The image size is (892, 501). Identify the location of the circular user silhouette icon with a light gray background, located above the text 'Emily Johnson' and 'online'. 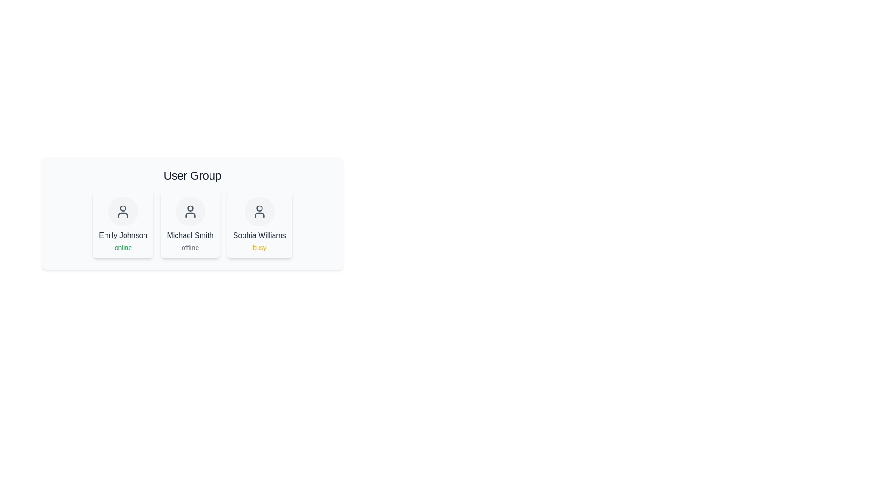
(123, 211).